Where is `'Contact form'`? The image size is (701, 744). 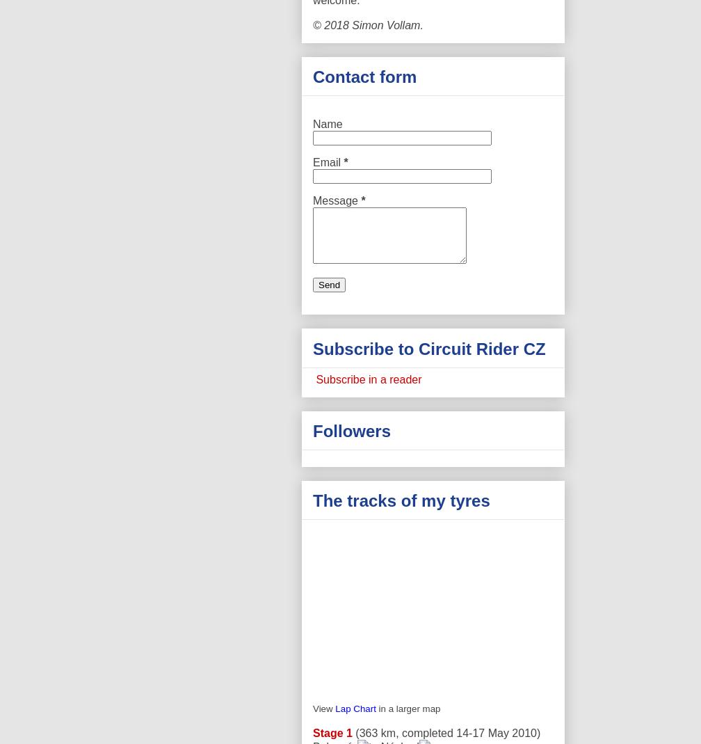 'Contact form' is located at coordinates (364, 77).